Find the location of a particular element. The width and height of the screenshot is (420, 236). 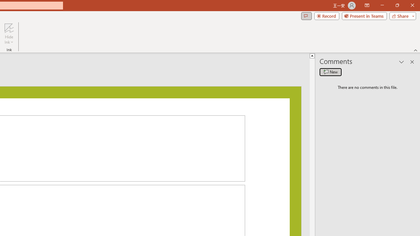

'New comment' is located at coordinates (330, 72).